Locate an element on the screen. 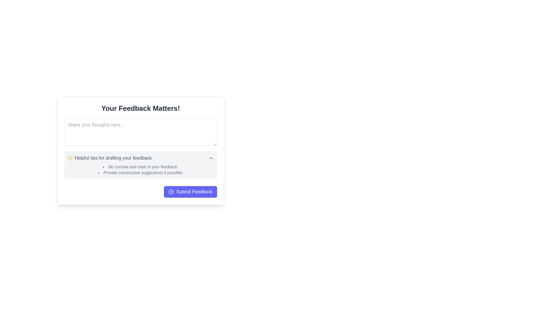 The height and width of the screenshot is (314, 558). the decorative icon located to the left of the 'Submit Feedback' text label inside the button is located at coordinates (171, 192).